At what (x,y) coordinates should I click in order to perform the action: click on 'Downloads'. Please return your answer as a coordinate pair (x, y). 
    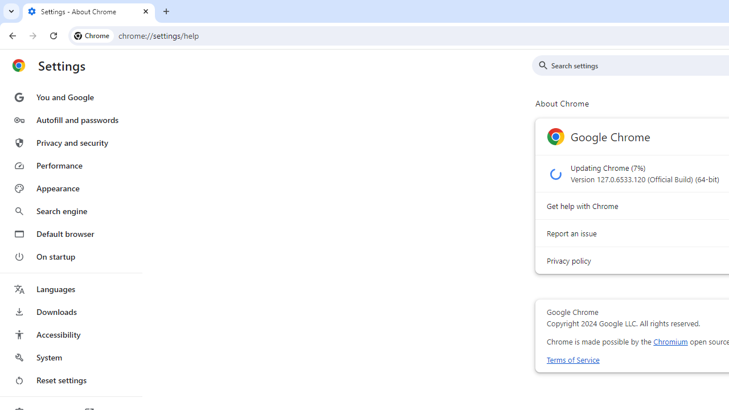
    Looking at the image, I should click on (70, 311).